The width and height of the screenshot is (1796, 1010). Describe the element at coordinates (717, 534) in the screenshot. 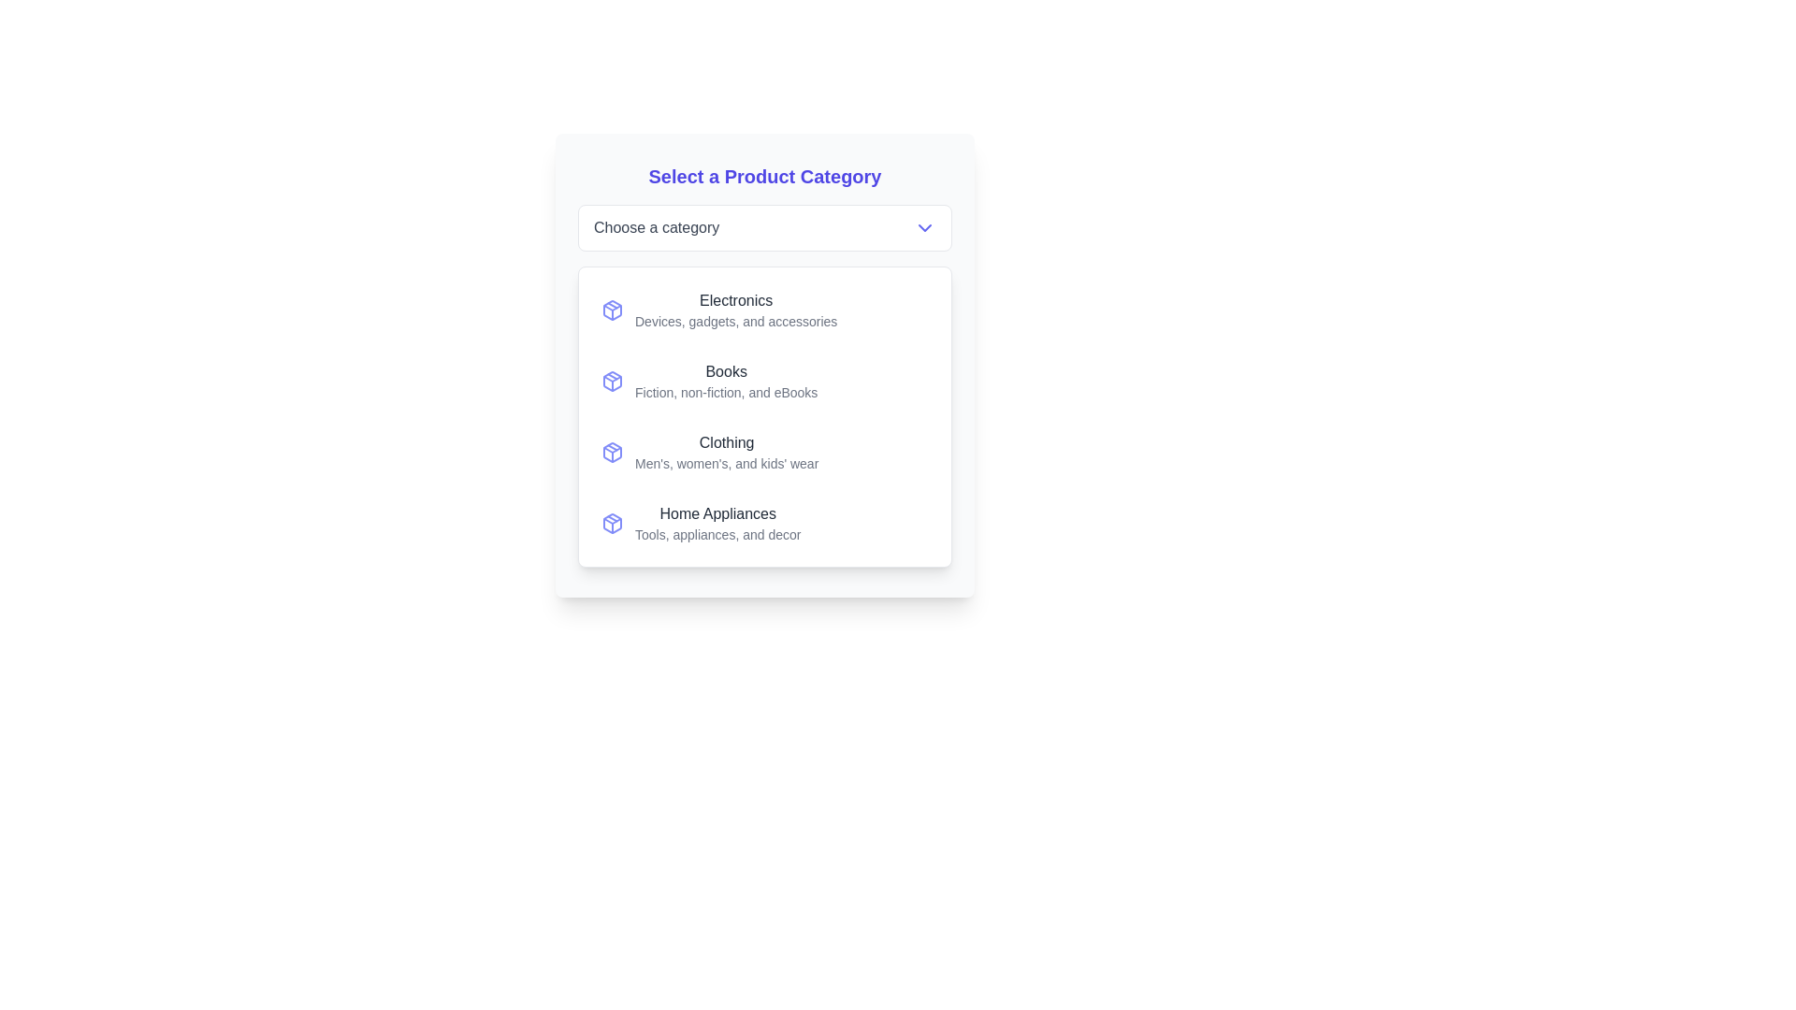

I see `descriptive text label located below the 'Home Appliances' category in the product category selection panel` at that location.